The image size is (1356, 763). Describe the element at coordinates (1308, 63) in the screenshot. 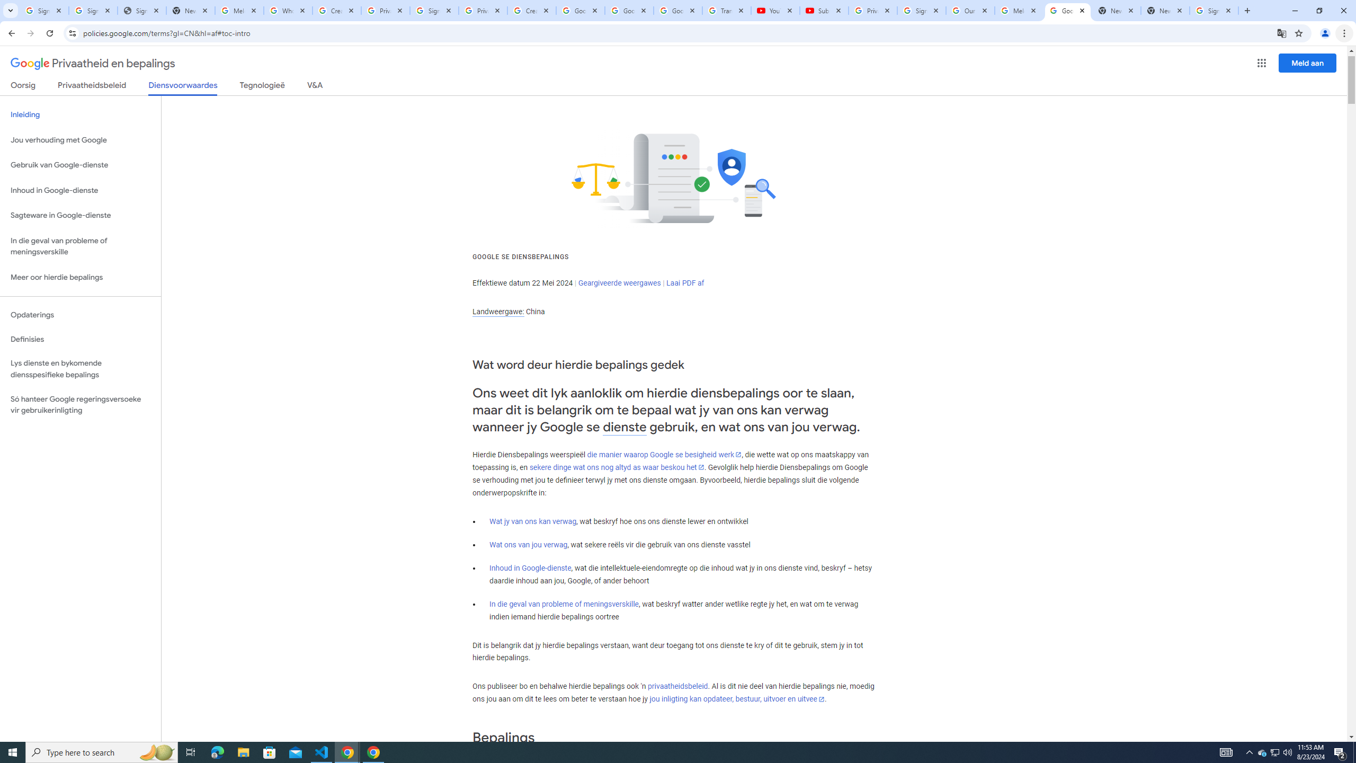

I see `'Meld aan'` at that location.